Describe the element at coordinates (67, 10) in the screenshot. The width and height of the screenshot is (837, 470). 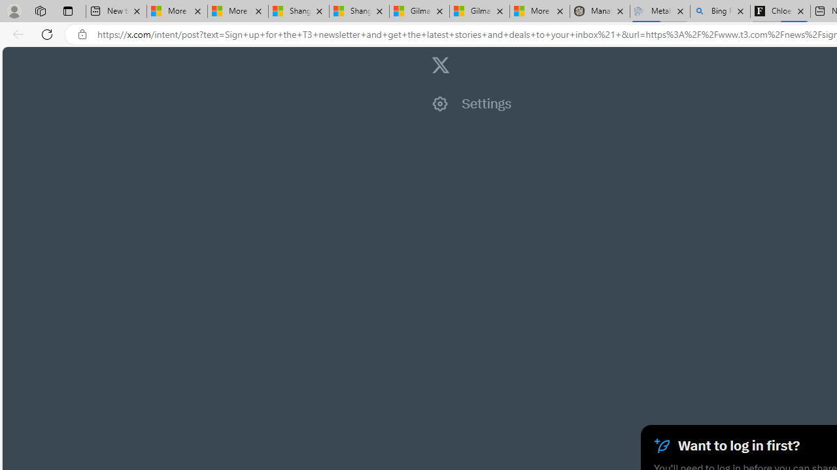
I see `'Tab actions menu'` at that location.